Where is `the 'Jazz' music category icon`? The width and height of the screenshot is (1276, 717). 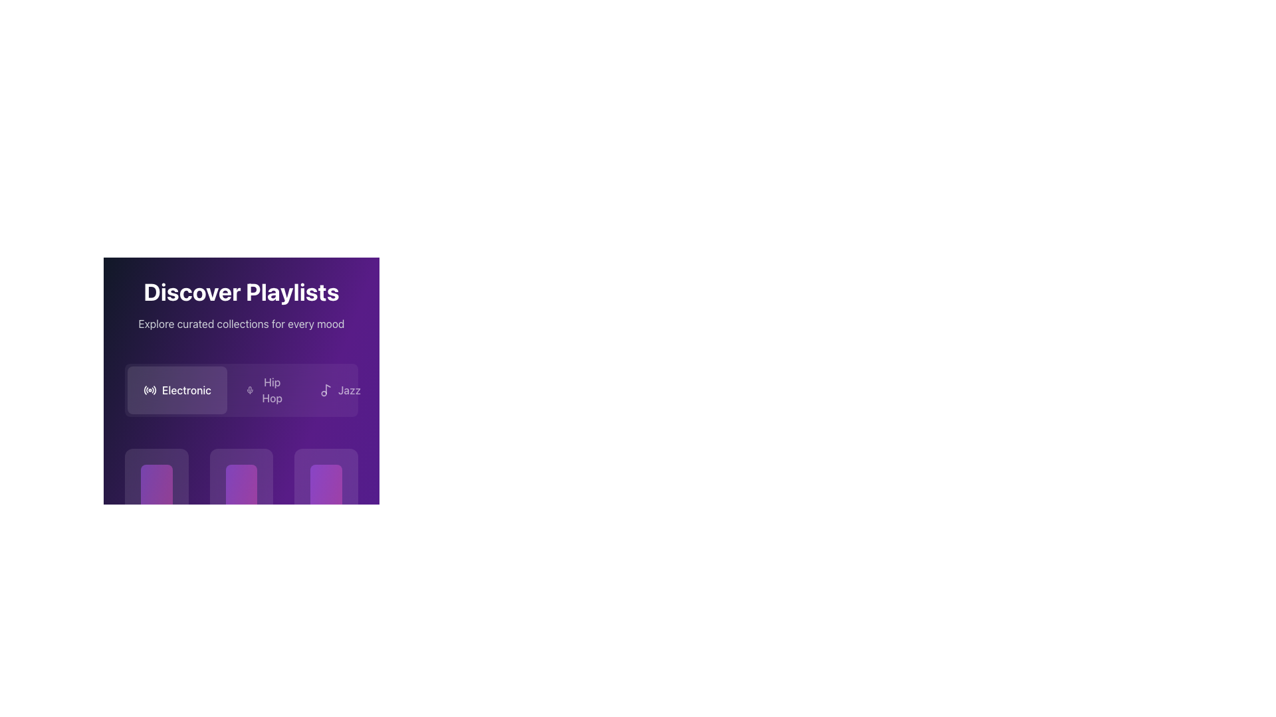
the 'Jazz' music category icon is located at coordinates (328, 388).